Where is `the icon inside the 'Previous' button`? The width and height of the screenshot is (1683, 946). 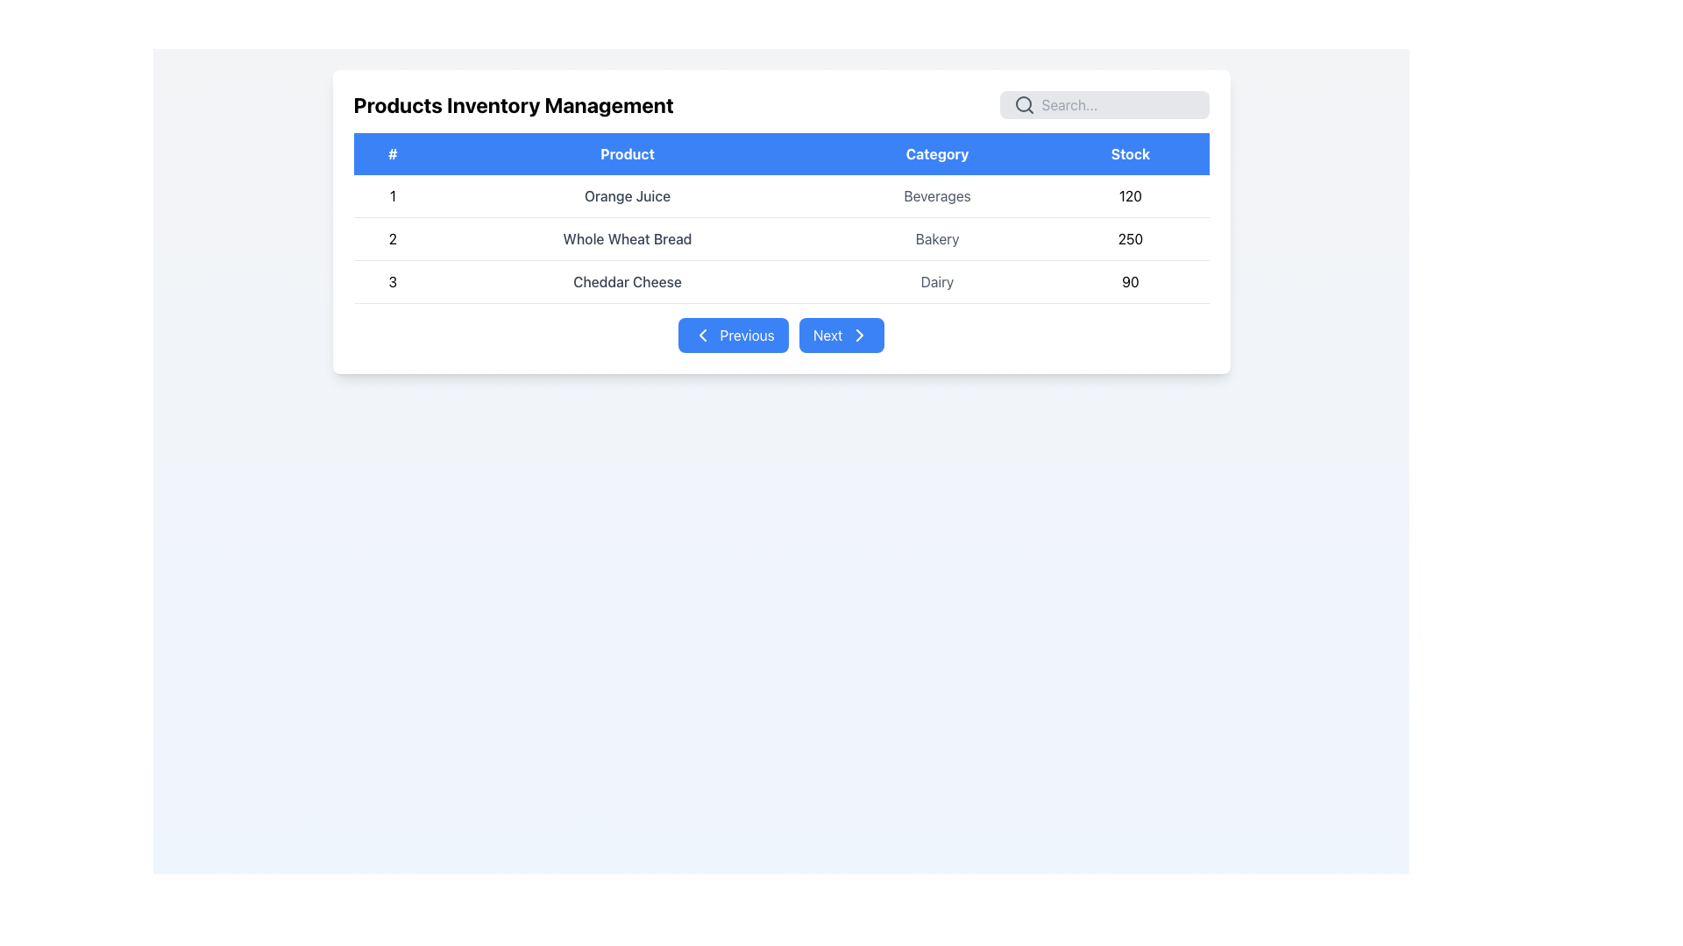
the icon inside the 'Previous' button is located at coordinates (702, 335).